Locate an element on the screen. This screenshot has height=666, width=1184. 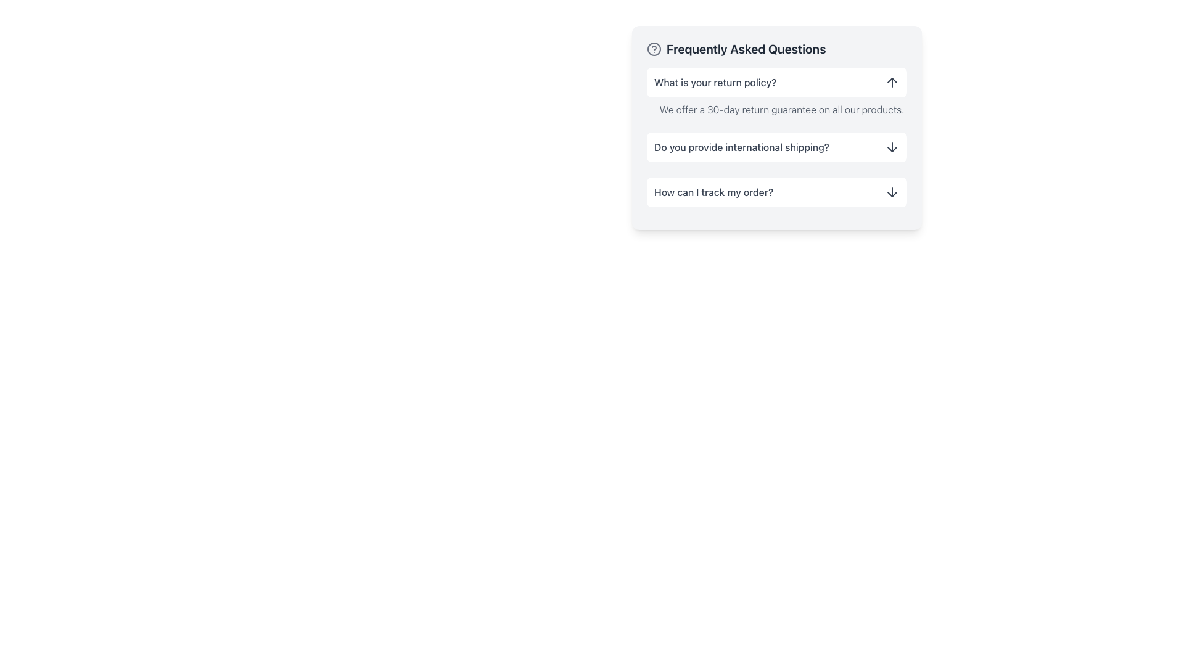
the interactive dropdown menu item for tracking orders in the FAQ section is located at coordinates (776, 192).